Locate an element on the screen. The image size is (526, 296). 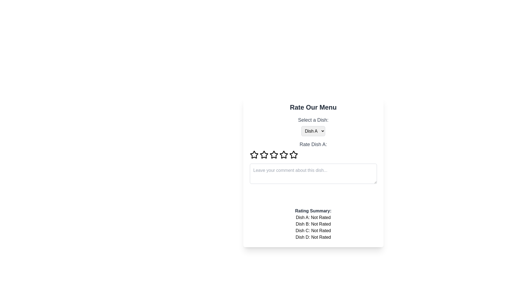
the third star icon for rating 'Dish A' is located at coordinates (284, 155).